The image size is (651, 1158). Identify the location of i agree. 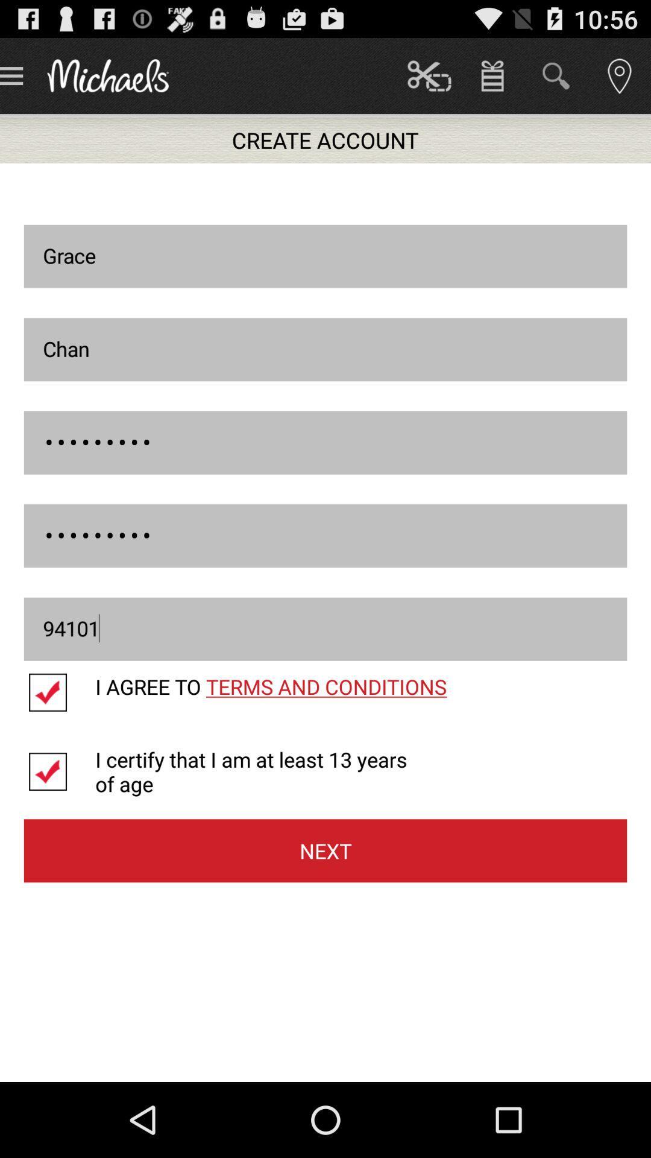
(60, 692).